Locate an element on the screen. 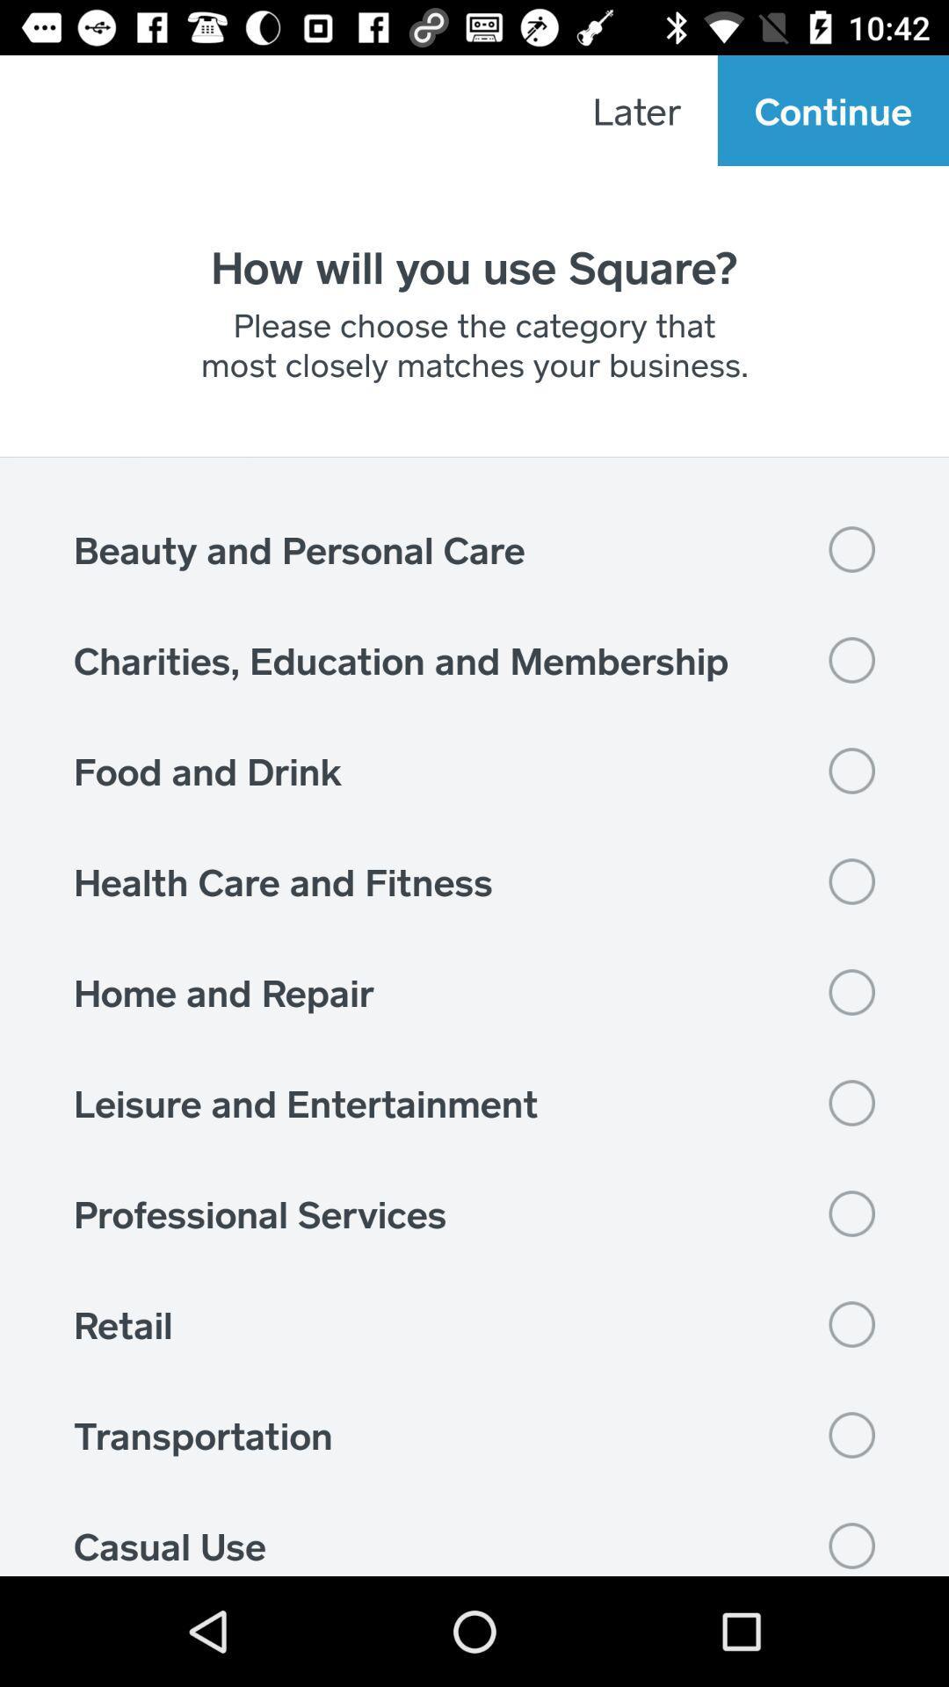 This screenshot has height=1687, width=949. home and repair icon is located at coordinates (474, 992).